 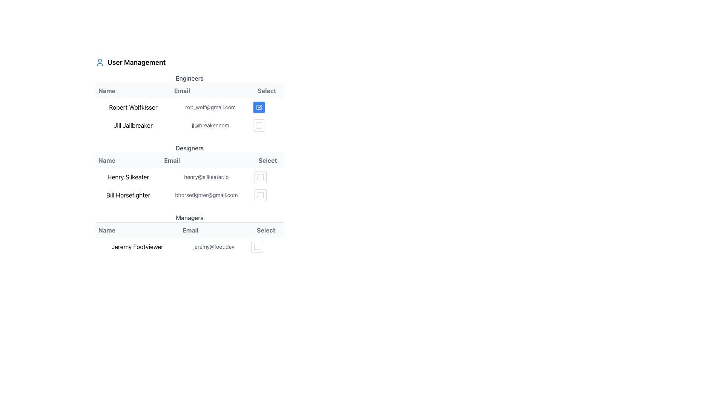 What do you see at coordinates (259, 107) in the screenshot?
I see `the button` at bounding box center [259, 107].